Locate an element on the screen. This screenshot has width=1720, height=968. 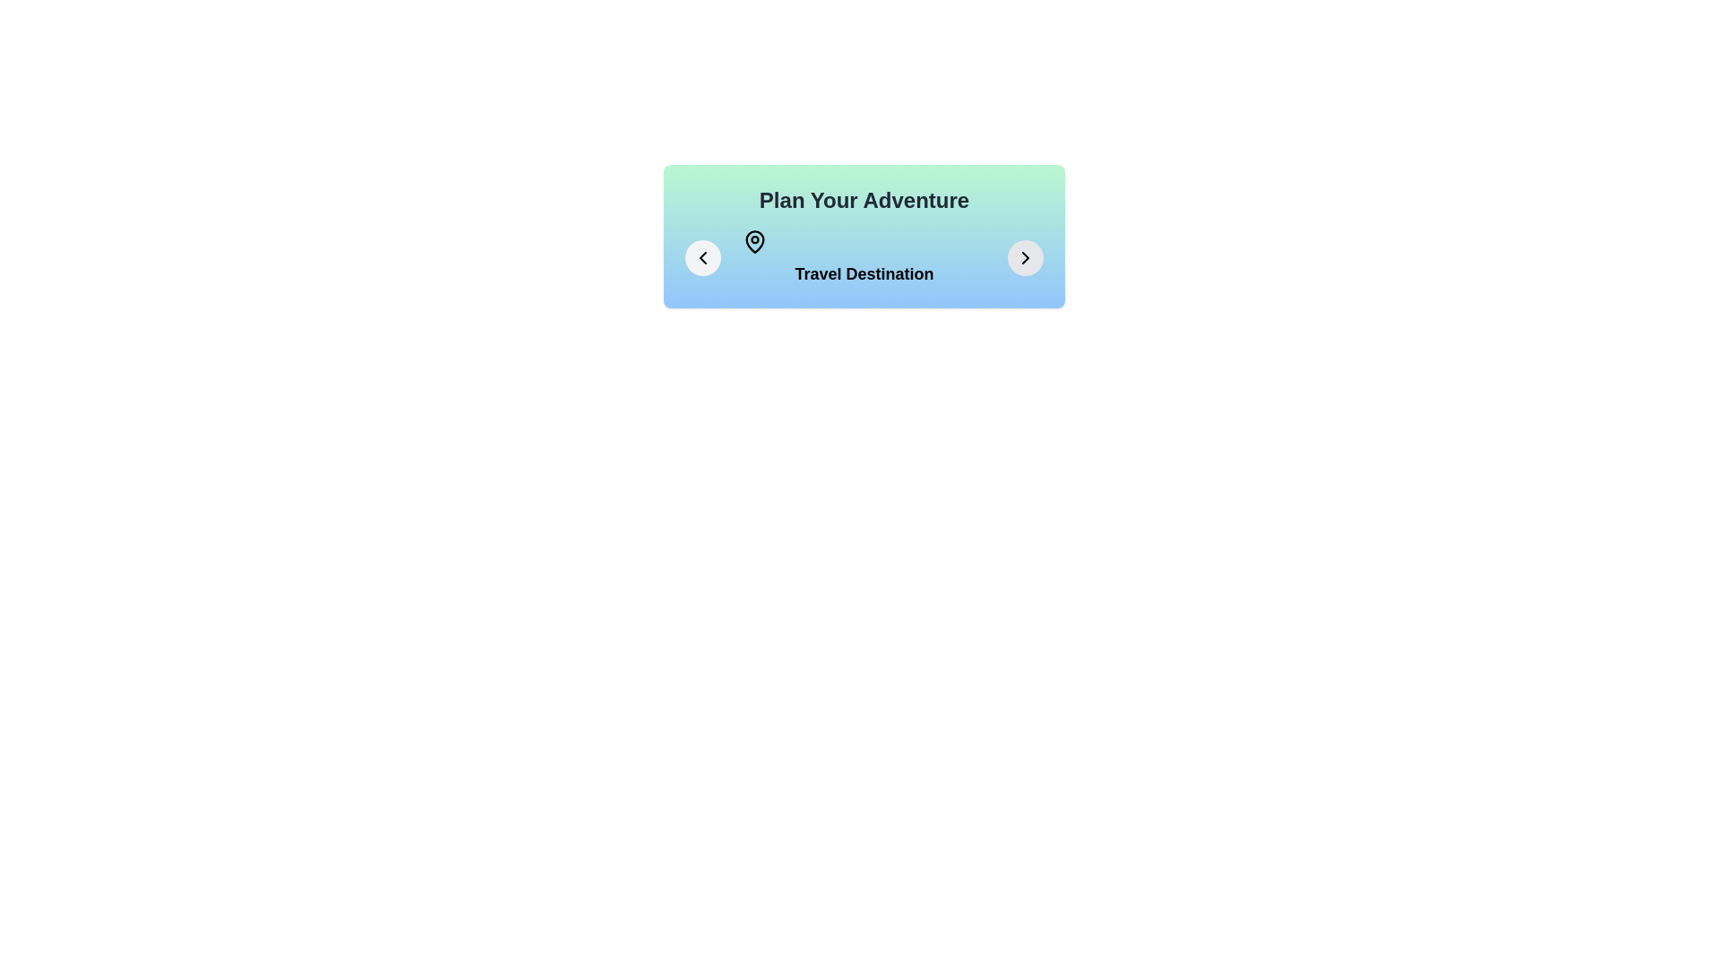
the left arrow button to navigate to the previous stage is located at coordinates (702, 258).